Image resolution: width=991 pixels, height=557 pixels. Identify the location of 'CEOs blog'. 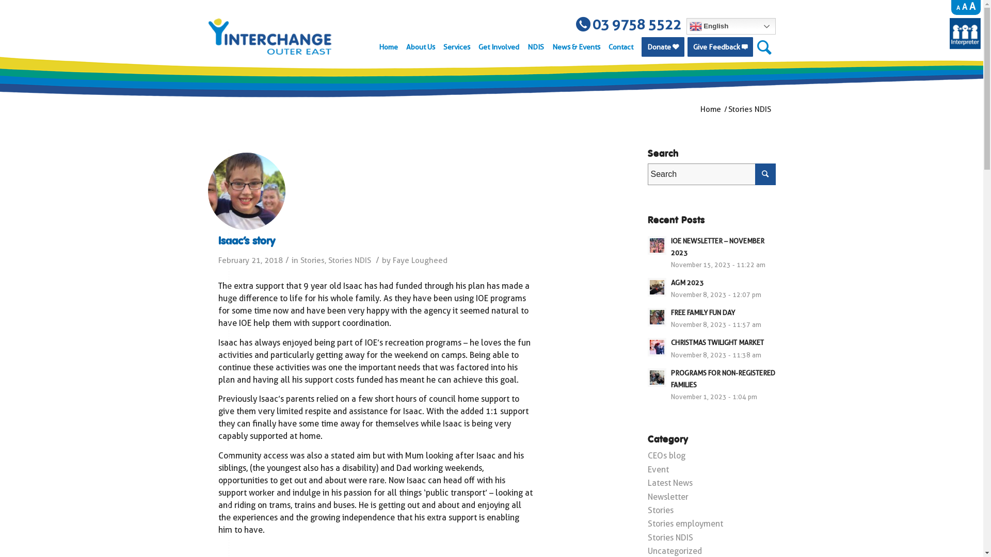
(666, 455).